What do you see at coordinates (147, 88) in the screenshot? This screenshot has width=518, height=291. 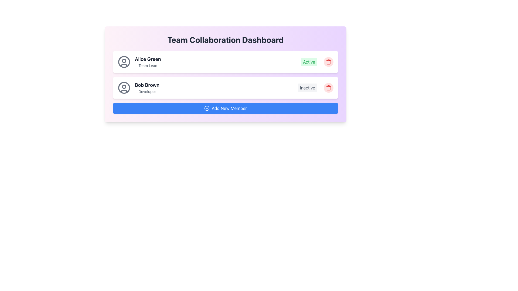 I see `the Text label that presents the name and role of a user, located as the second item in a list below 'Alice Green', near a user avatar icon` at bounding box center [147, 88].